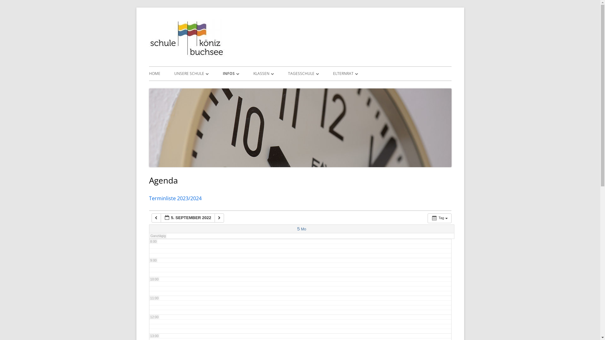  Describe the element at coordinates (345, 73) in the screenshot. I see `'ELTERNRAT'` at that location.